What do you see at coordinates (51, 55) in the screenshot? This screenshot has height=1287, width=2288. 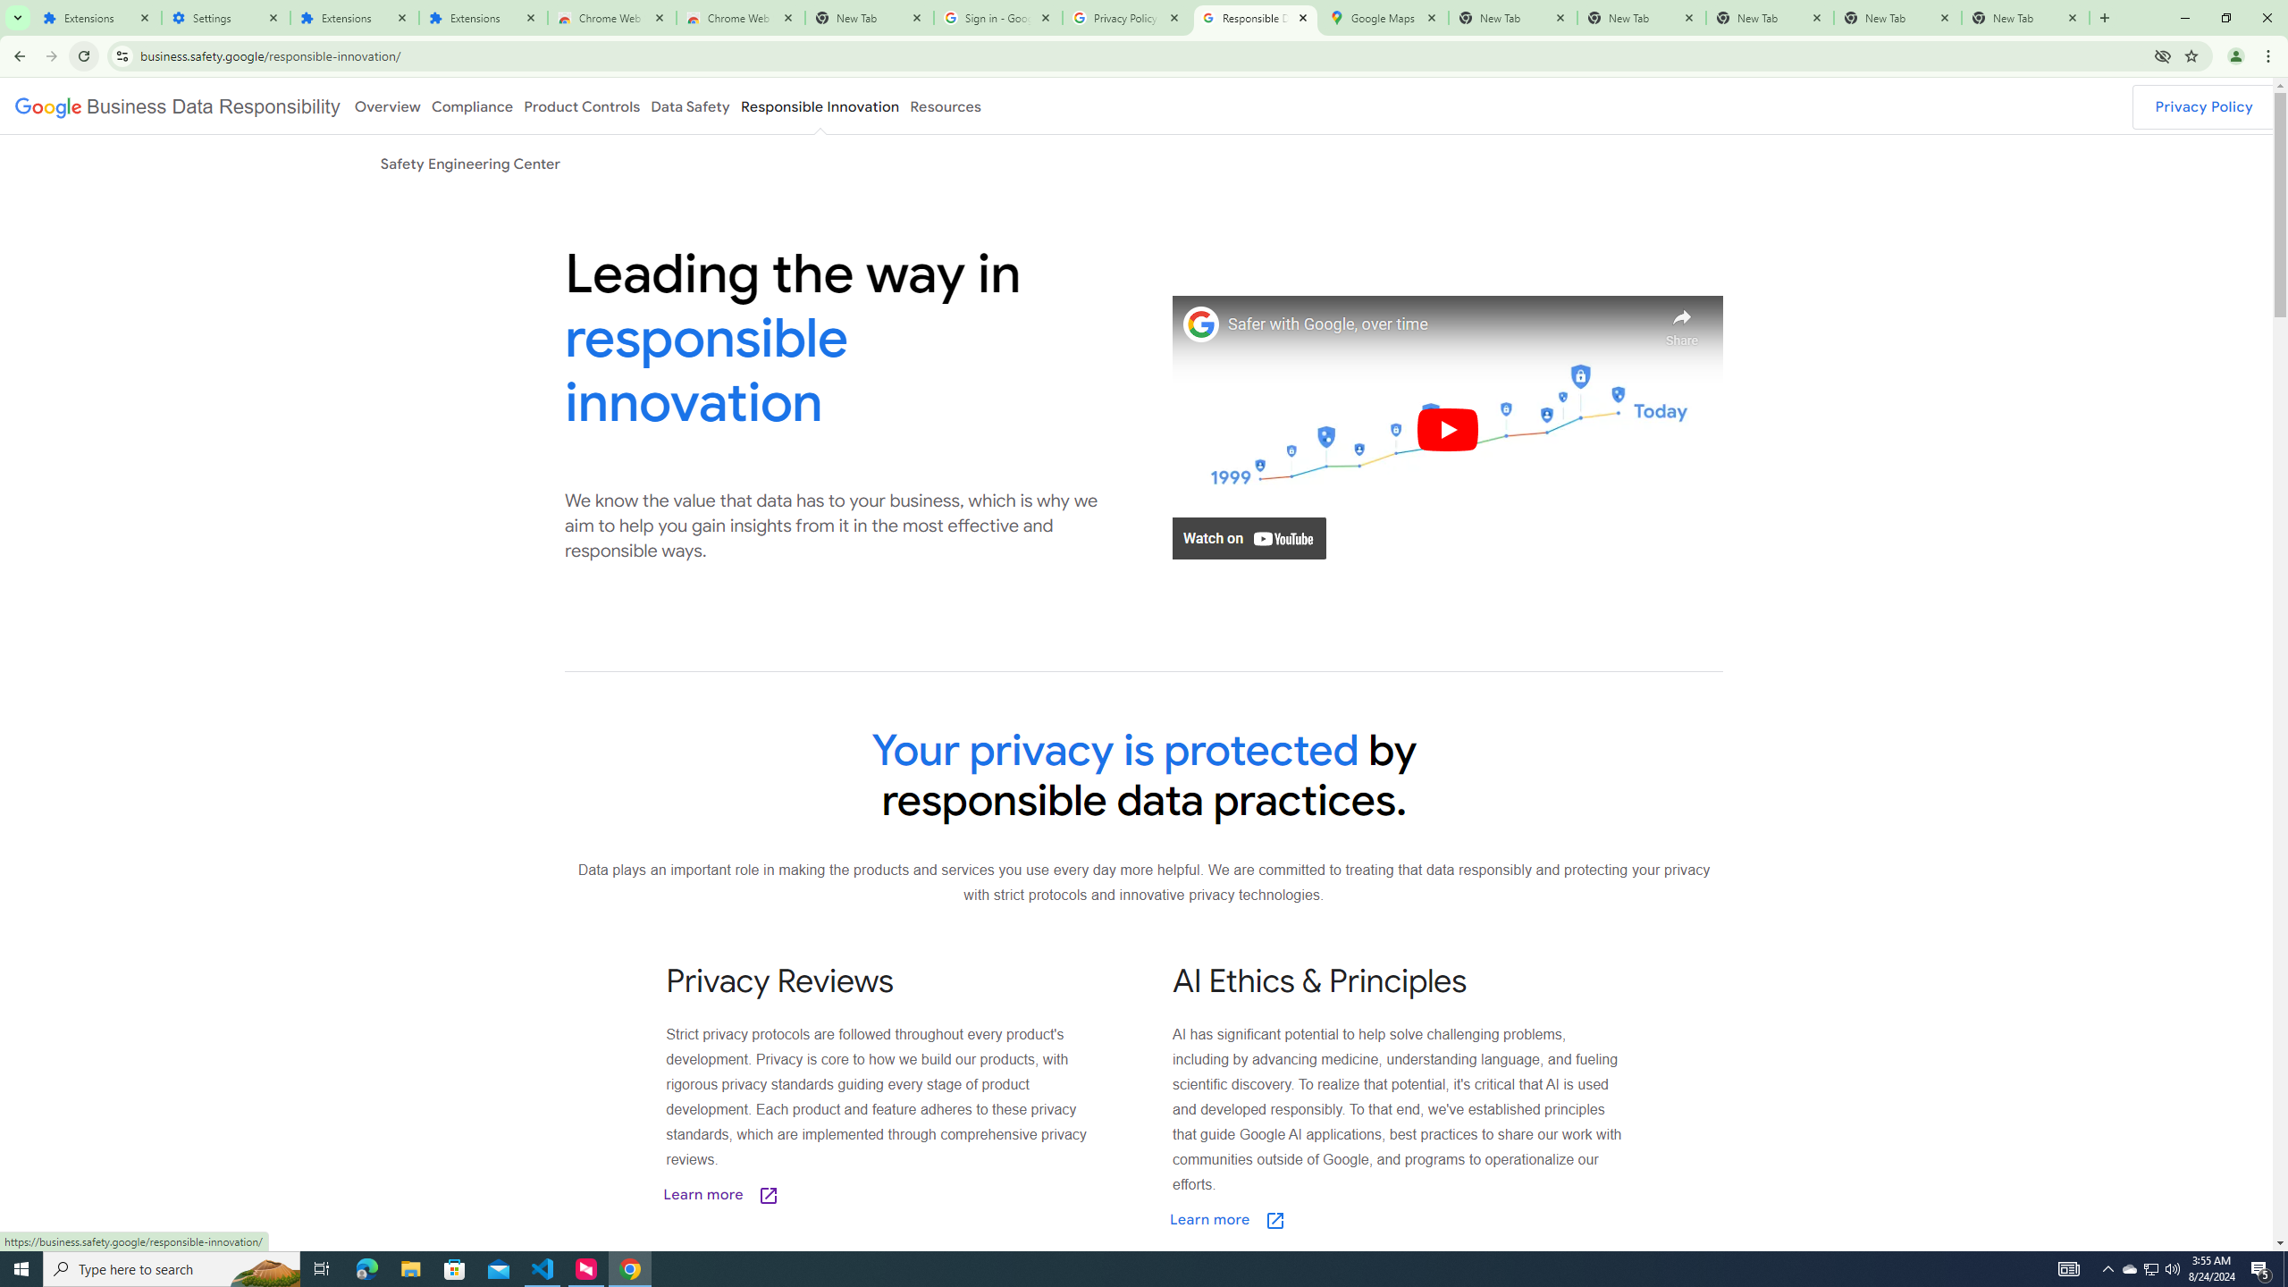 I see `'Forward'` at bounding box center [51, 55].